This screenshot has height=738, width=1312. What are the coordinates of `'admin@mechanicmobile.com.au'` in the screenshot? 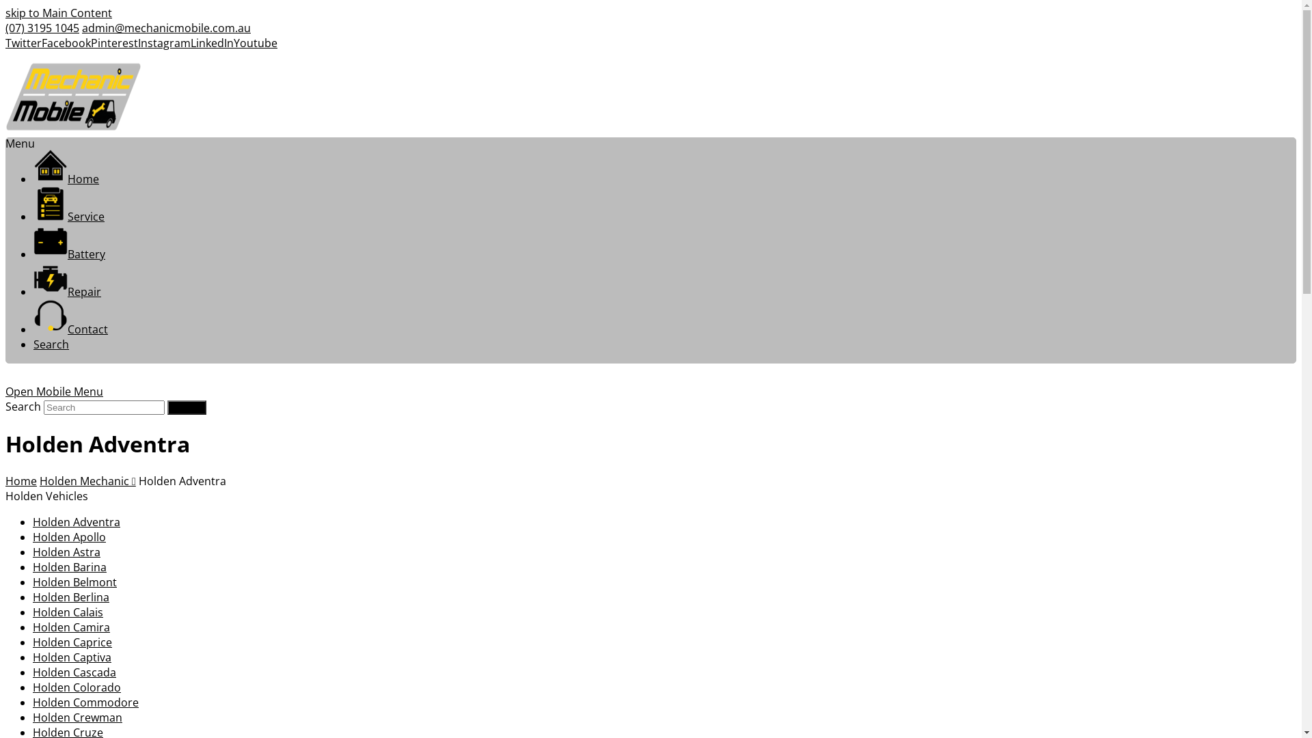 It's located at (165, 28).